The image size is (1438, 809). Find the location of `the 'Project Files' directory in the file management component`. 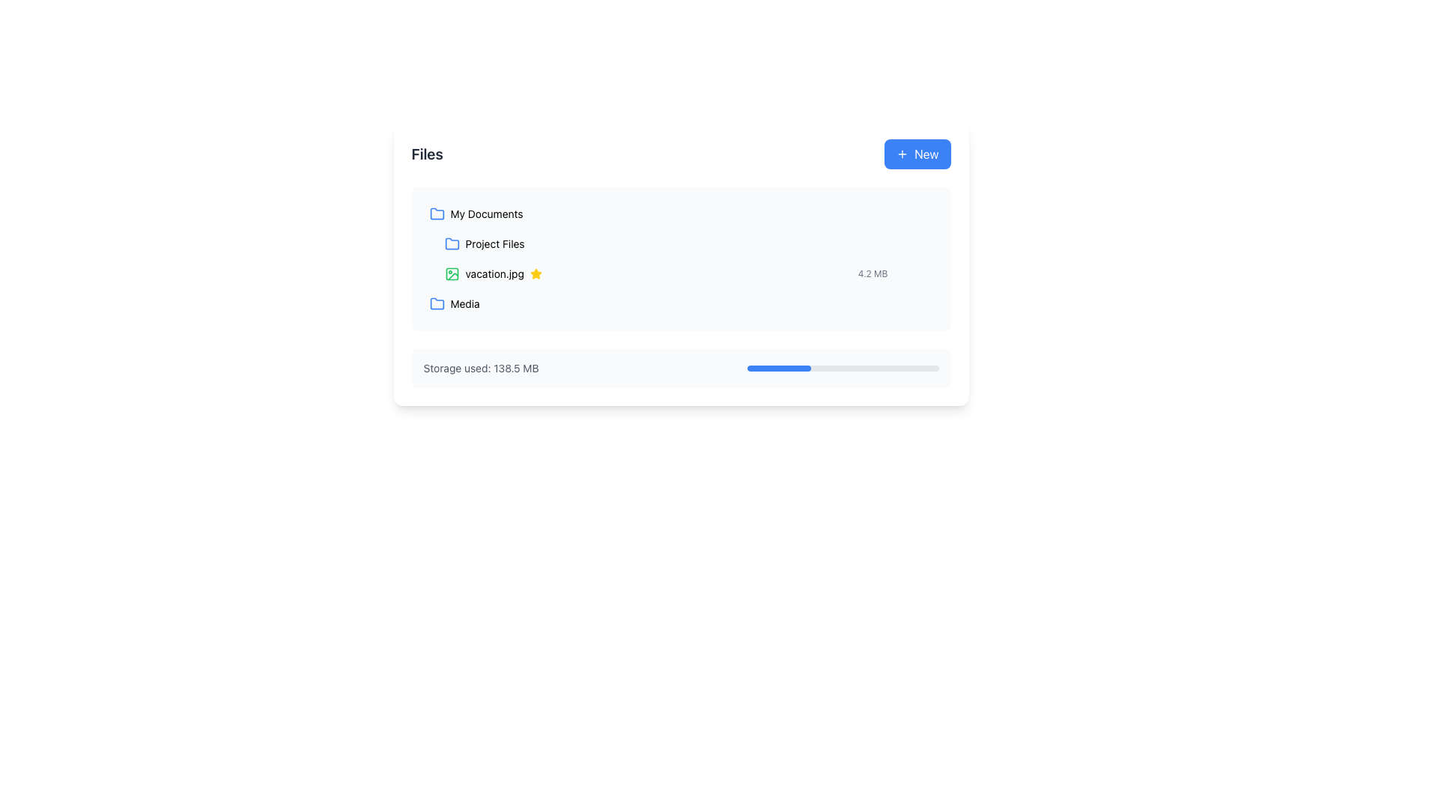

the 'Project Files' directory in the file management component is located at coordinates (668, 243).